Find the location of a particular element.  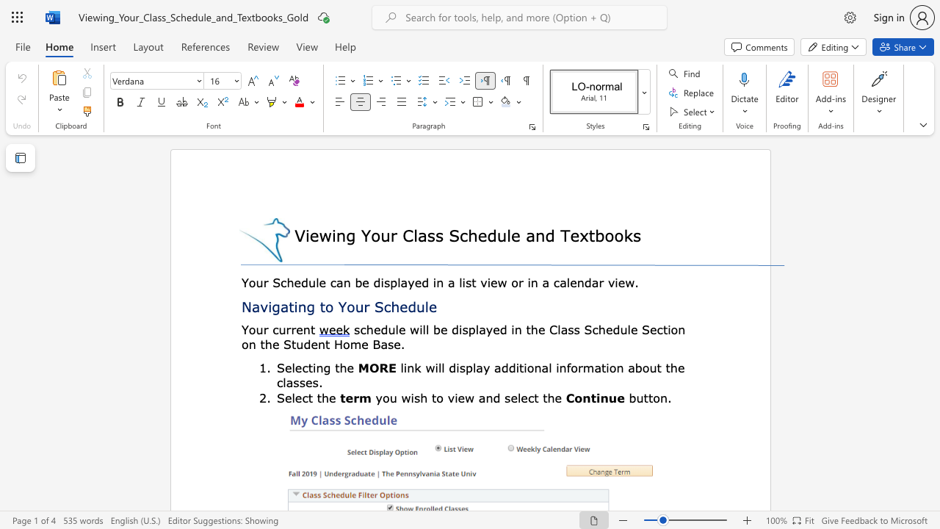

the subset text "elect the" within the text "Select the" is located at coordinates (284, 397).